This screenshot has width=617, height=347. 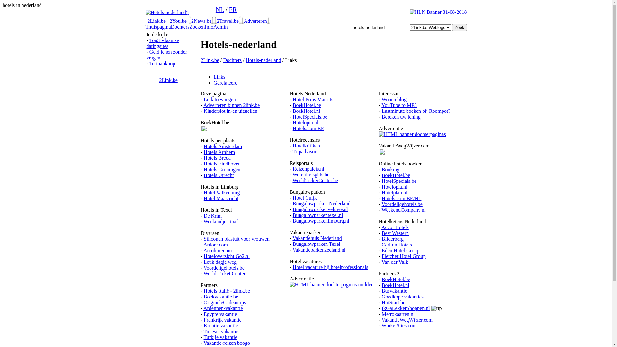 I want to click on 'Hotel Valkenburg', so click(x=222, y=192).